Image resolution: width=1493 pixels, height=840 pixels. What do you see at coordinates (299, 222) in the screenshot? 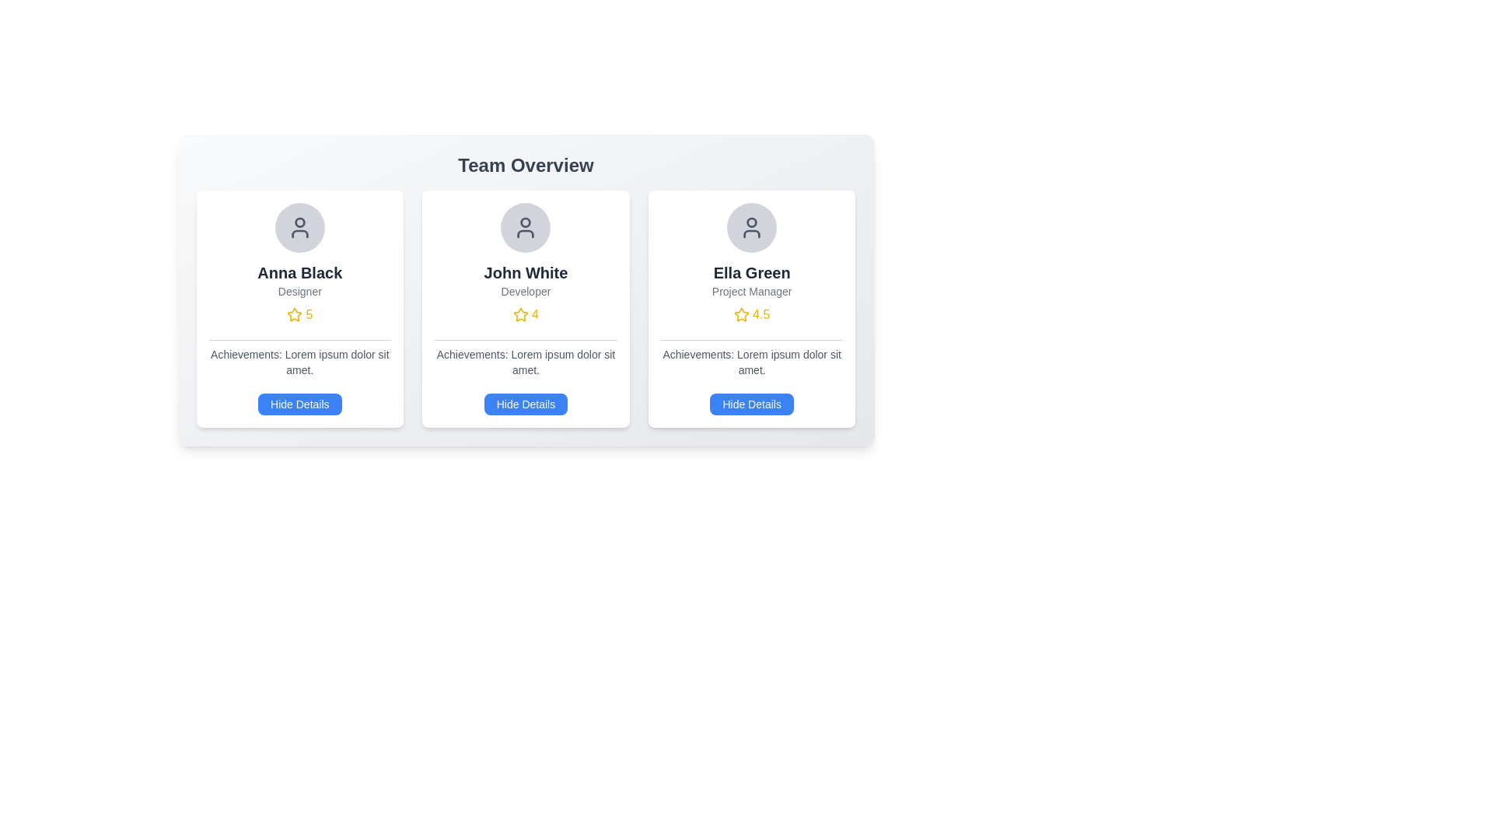
I see `the SVG Ellipse decoration component located at the center of the head outline of the profile icon for Anna Black in the first card` at bounding box center [299, 222].